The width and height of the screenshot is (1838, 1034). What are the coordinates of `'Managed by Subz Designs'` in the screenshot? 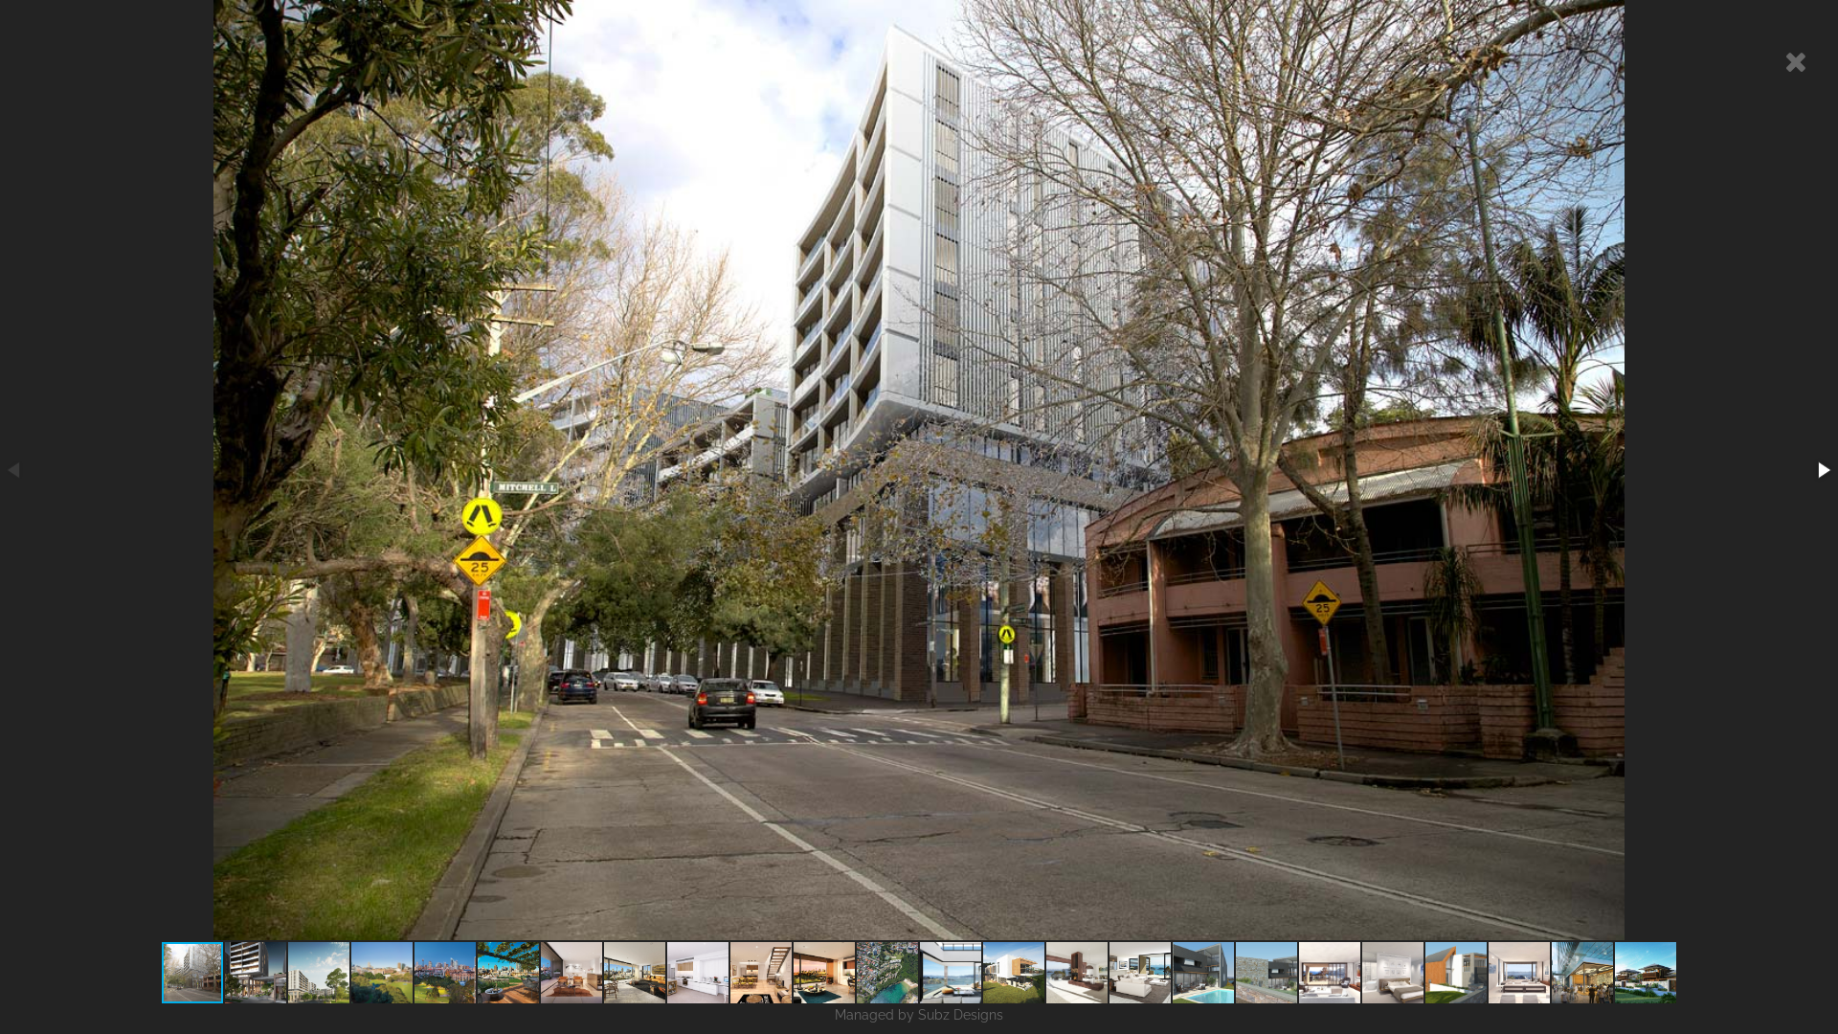 It's located at (919, 1014).